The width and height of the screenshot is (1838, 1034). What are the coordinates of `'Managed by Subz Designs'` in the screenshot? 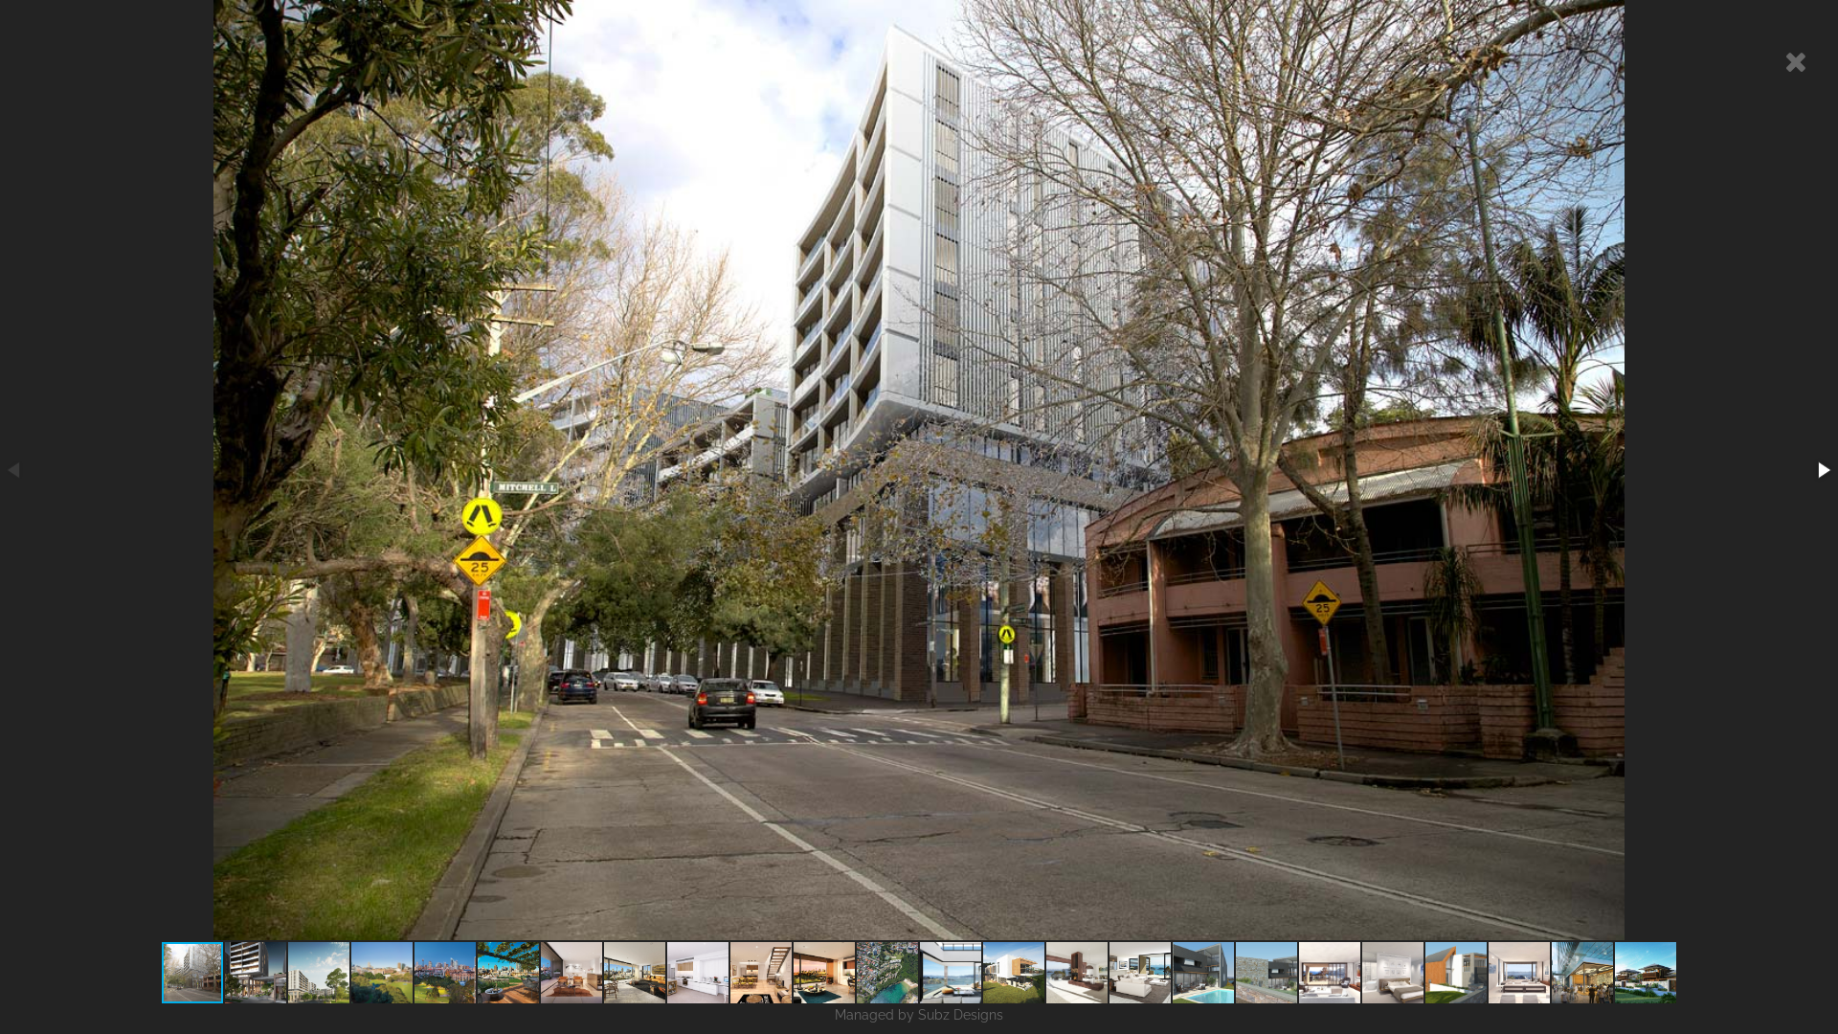 It's located at (919, 1014).